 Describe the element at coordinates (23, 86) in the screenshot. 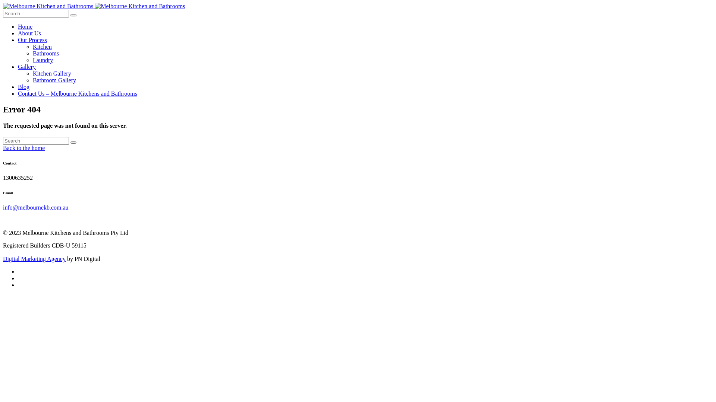

I see `'Blog'` at that location.